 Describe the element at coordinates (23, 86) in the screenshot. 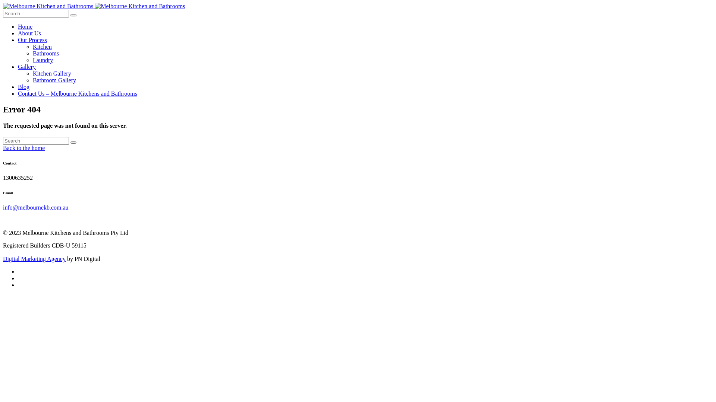

I see `'Blog'` at that location.